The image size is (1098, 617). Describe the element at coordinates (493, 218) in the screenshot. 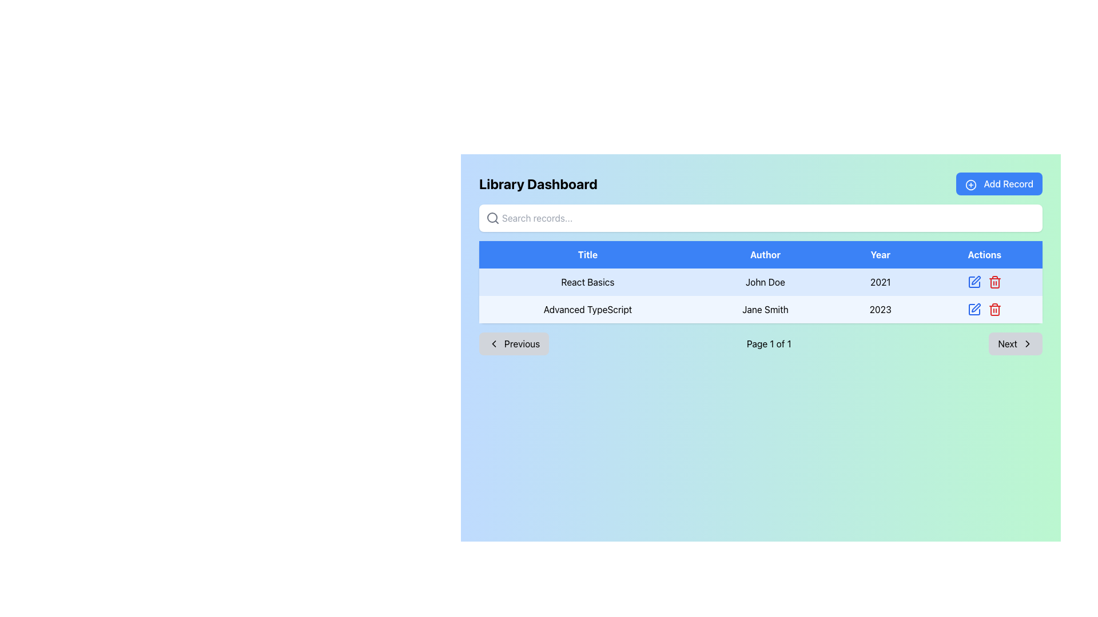

I see `search icon, which is a gray magnifying glass styled element located adjacent to the search input field at the top left of the interface, using the developer tools` at that location.